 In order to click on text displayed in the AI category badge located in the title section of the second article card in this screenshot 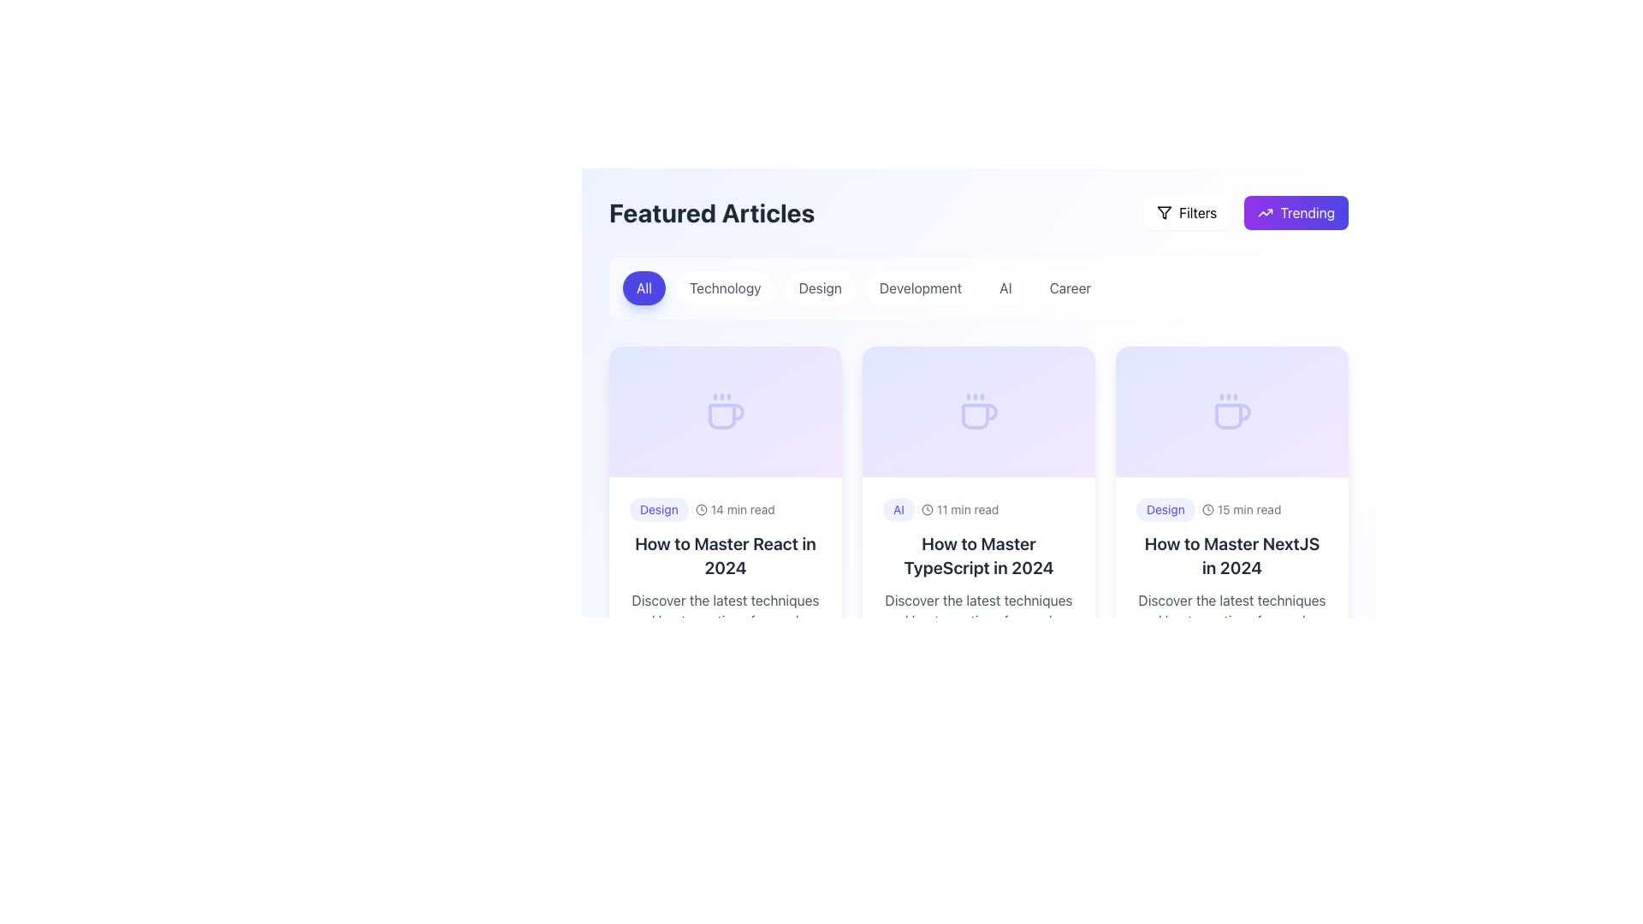, I will do `click(898, 509)`.